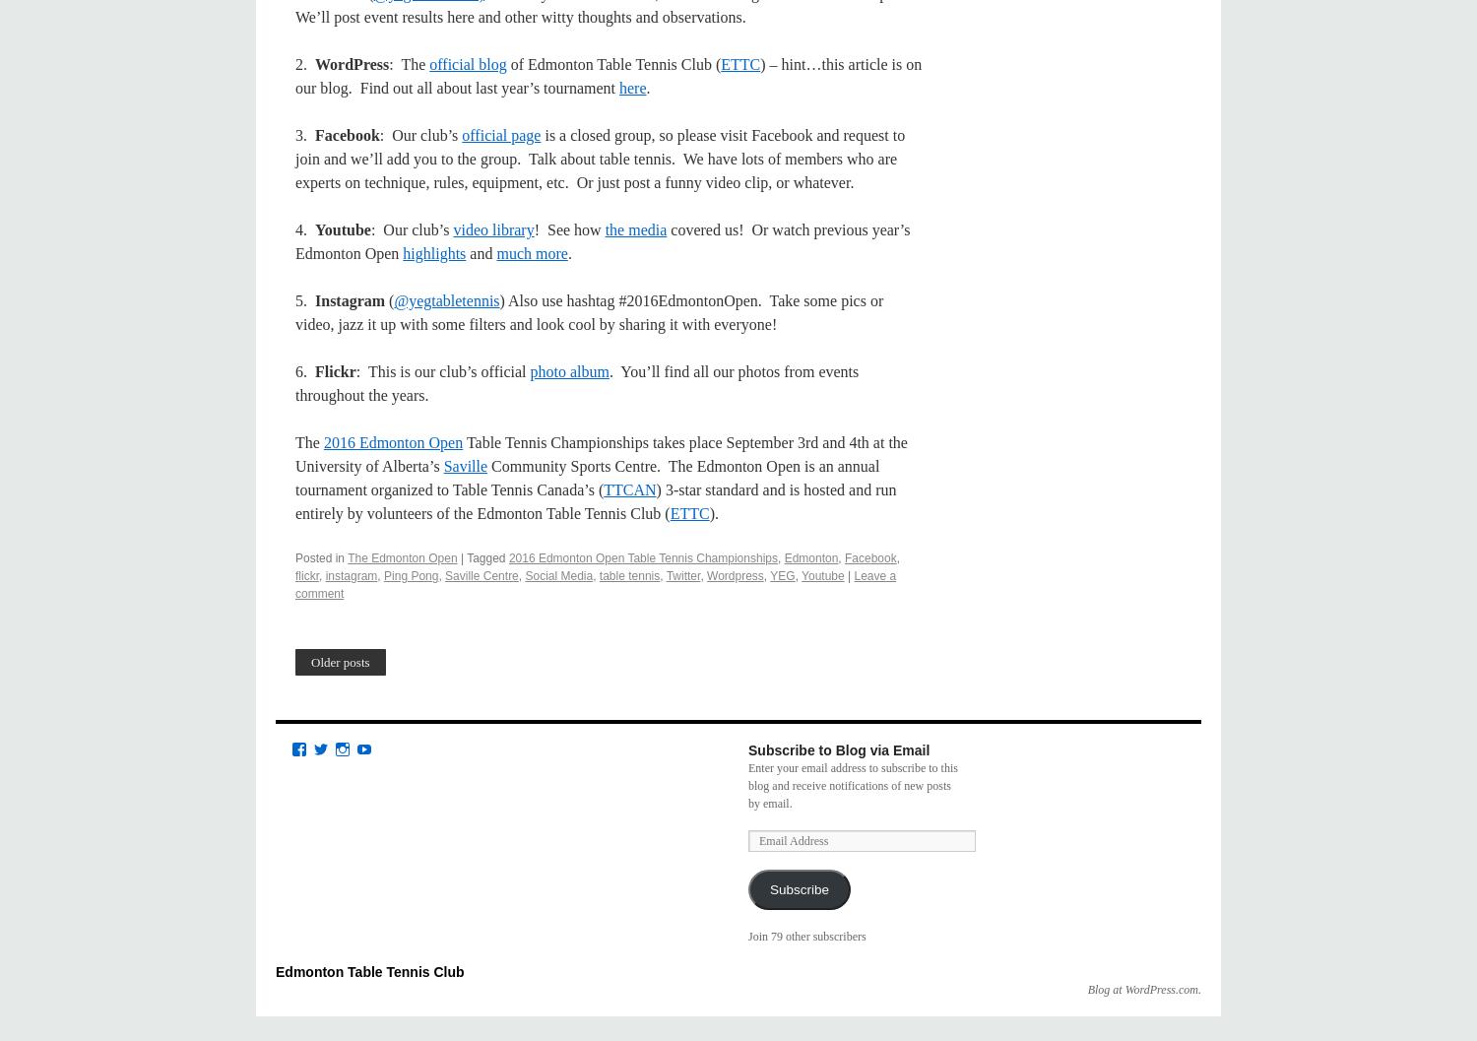  What do you see at coordinates (403, 252) in the screenshot?
I see `'highlights'` at bounding box center [403, 252].